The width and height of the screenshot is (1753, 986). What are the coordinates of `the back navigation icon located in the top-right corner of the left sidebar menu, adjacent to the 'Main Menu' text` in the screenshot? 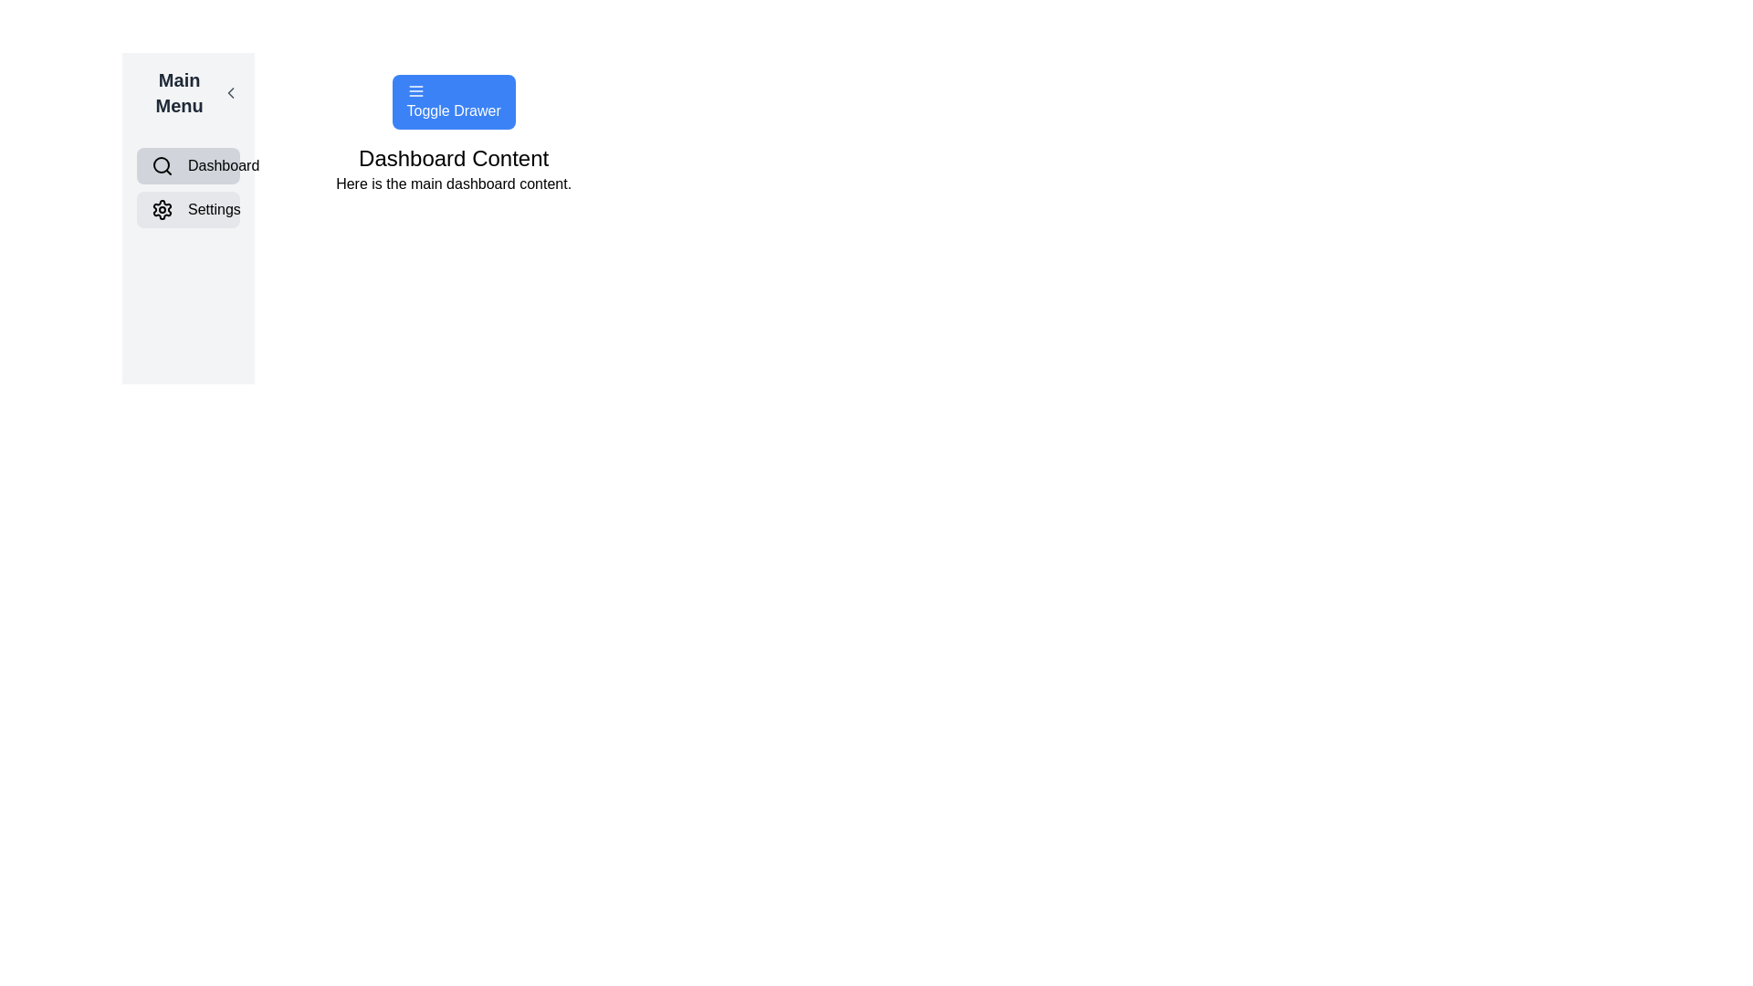 It's located at (230, 92).